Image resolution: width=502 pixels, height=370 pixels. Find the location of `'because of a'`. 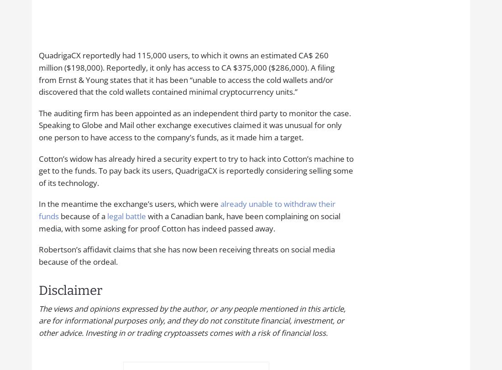

'because of a' is located at coordinates (83, 216).